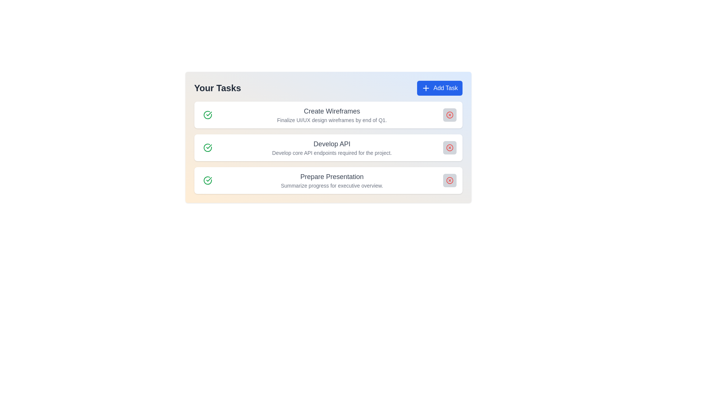 The width and height of the screenshot is (715, 402). What do you see at coordinates (207, 181) in the screenshot?
I see `the circular green icon with a checkmark inside, which indicates completion, located to the left of the 'Prepare Presentation' text in the third task card` at bounding box center [207, 181].